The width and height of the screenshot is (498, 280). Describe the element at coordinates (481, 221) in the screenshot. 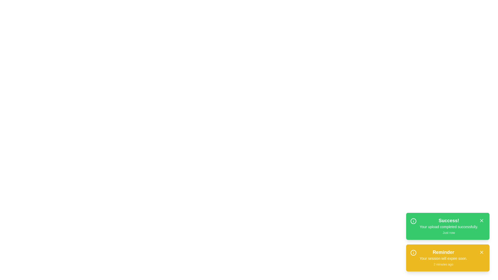

I see `the dismiss button of the notification with title Success!` at that location.